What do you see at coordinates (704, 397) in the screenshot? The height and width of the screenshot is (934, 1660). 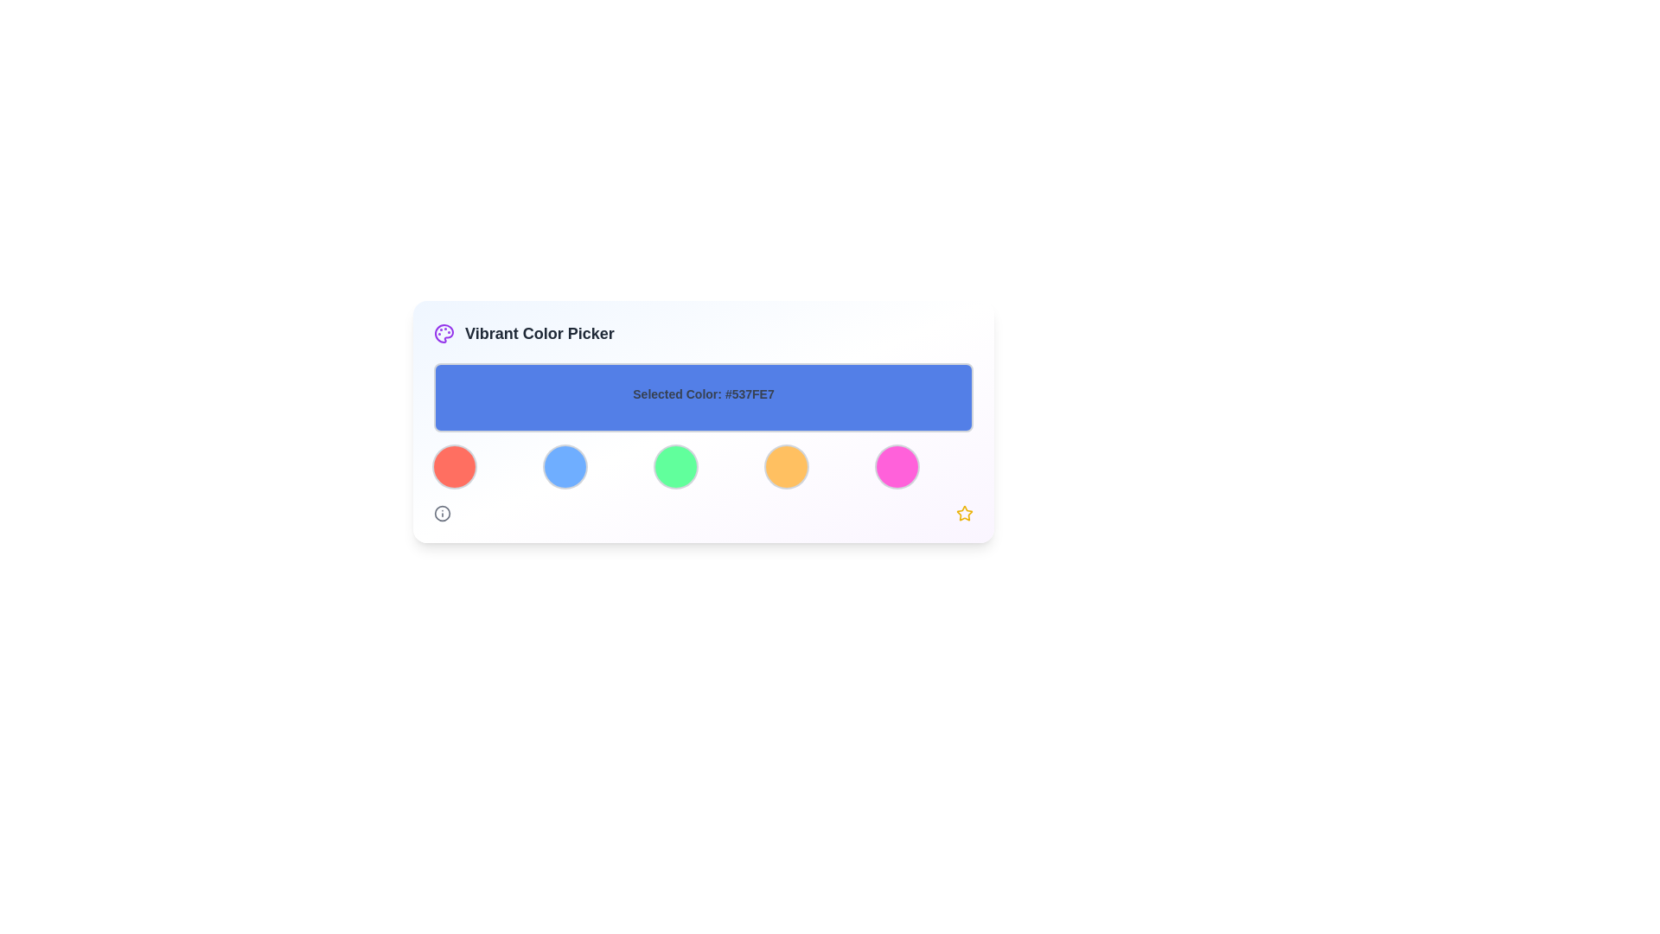 I see `text from the Text Label displaying 'Selected Color: #537FE7', which is centrally located below the 'Vibrant Color Picker' header` at bounding box center [704, 397].